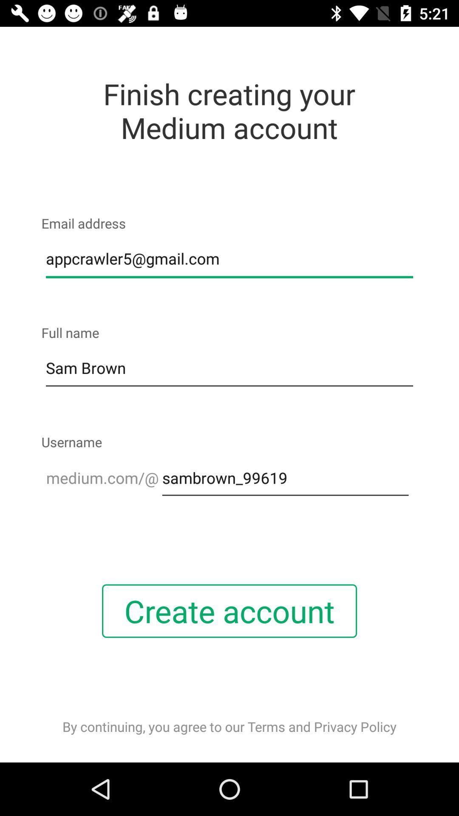  What do you see at coordinates (285, 478) in the screenshot?
I see `the item below username` at bounding box center [285, 478].